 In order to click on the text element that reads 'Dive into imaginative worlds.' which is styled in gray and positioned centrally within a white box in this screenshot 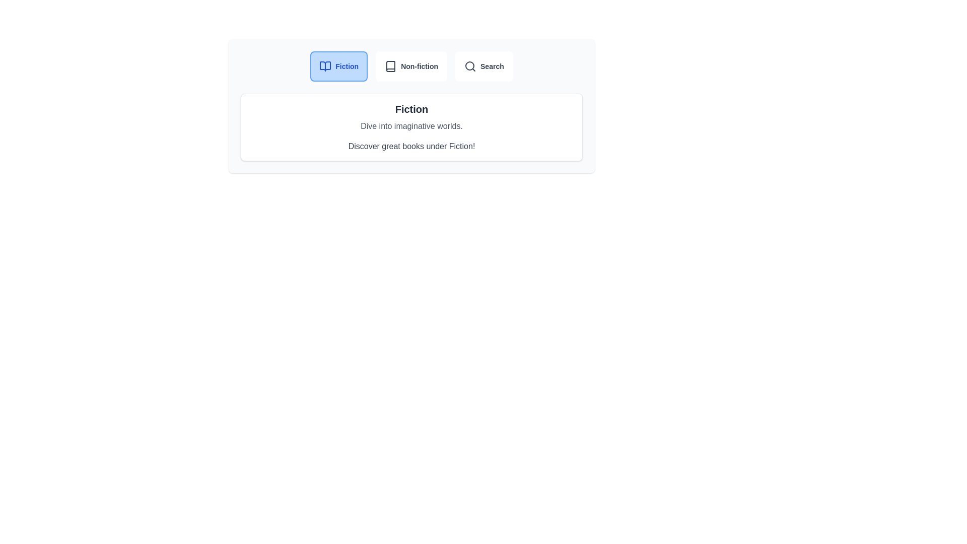, I will do `click(411, 125)`.